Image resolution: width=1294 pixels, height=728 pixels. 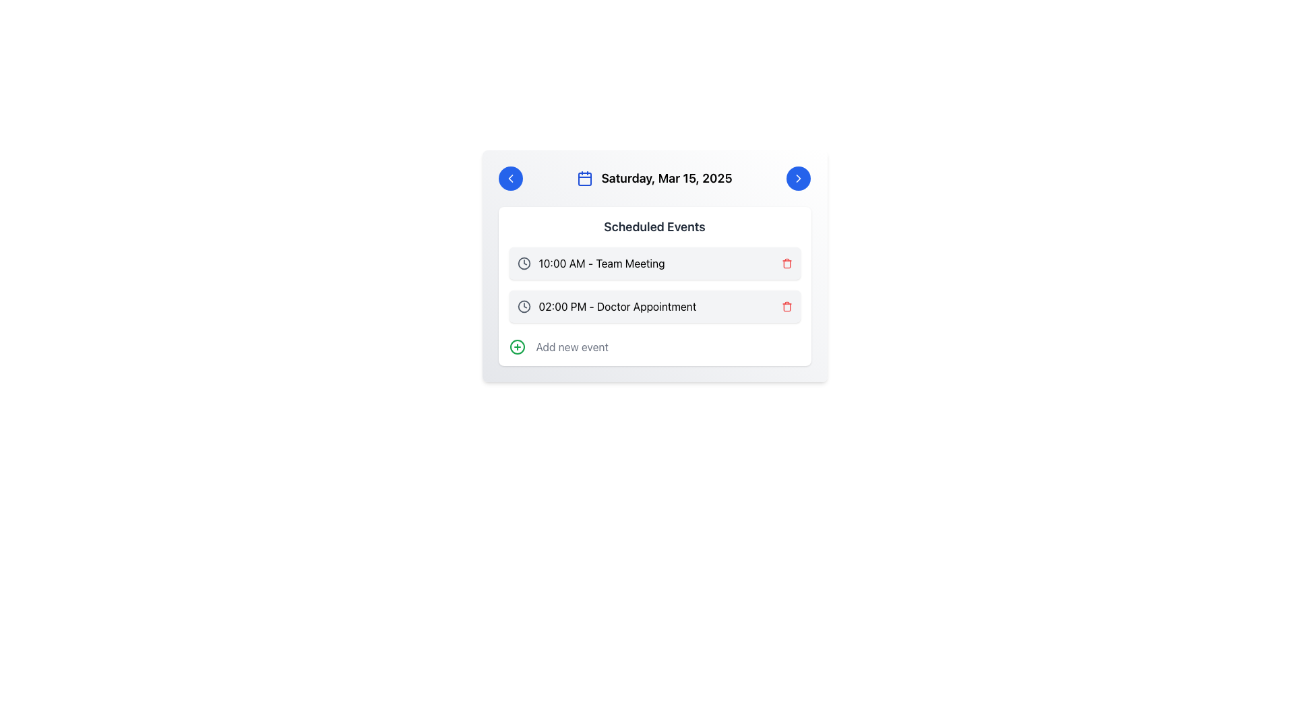 What do you see at coordinates (606, 307) in the screenshot?
I see `the 'Doctor Appointment' event in the 'Scheduled Events' section` at bounding box center [606, 307].